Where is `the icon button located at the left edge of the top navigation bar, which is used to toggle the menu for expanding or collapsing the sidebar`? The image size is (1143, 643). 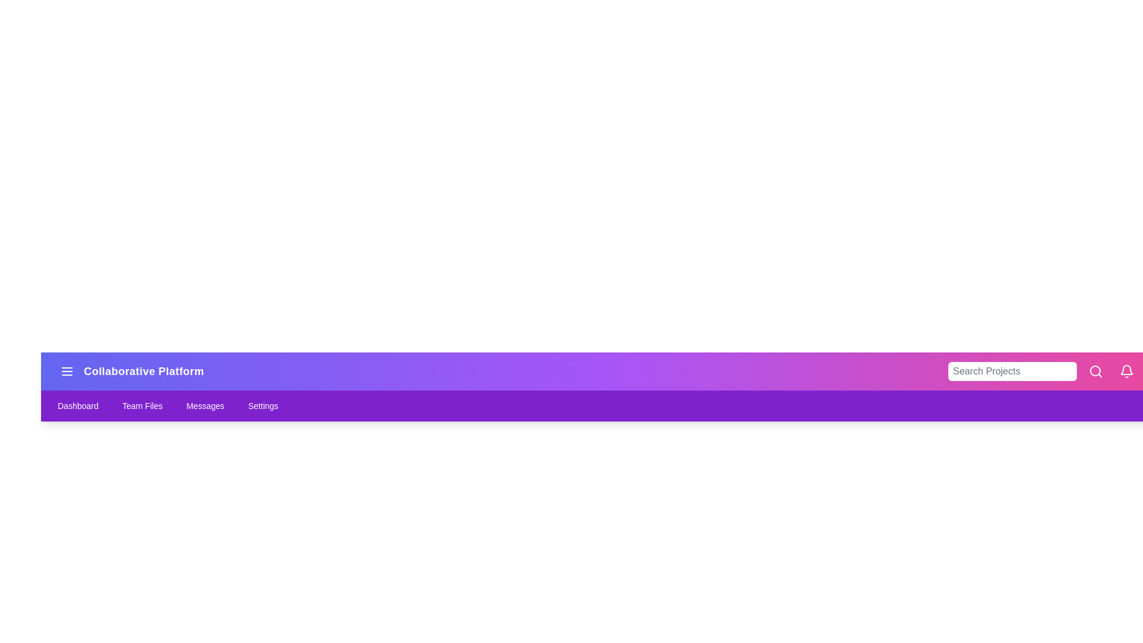
the icon button located at the left edge of the top navigation bar, which is used to toggle the menu for expanding or collapsing the sidebar is located at coordinates (67, 371).